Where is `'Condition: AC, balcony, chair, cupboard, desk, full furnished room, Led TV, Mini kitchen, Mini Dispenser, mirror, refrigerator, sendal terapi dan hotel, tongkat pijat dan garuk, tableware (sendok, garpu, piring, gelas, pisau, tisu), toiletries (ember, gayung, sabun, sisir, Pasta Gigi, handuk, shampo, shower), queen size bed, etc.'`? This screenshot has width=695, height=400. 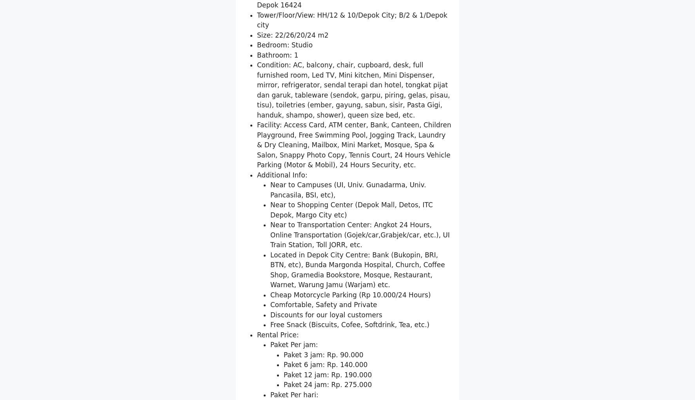 'Condition: AC, balcony, chair, cupboard, desk, full furnished room, Led TV, Mini kitchen, Mini Dispenser, mirror, refrigerator, sendal terapi dan hotel, tongkat pijat dan garuk, tableware (sendok, garpu, piring, gelas, pisau, tisu), toiletries (ember, gayung, sabun, sisir, Pasta Gigi, handuk, shampo, shower), queen size bed, etc.' is located at coordinates (257, 181).